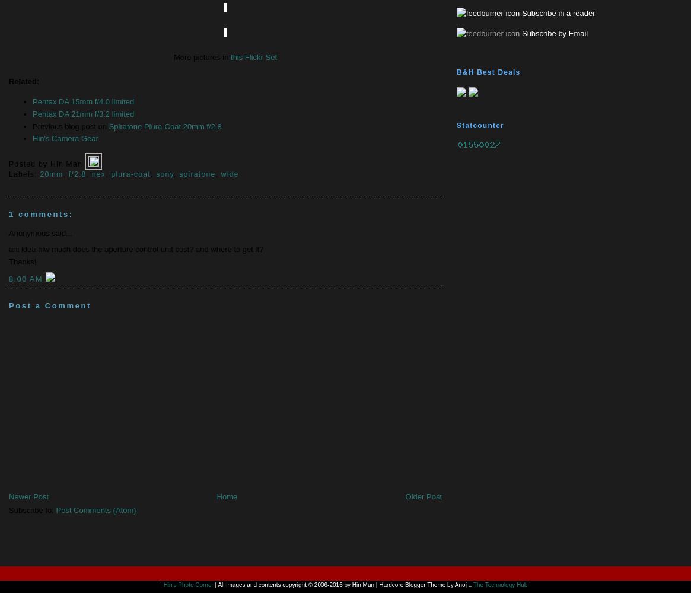  What do you see at coordinates (9, 213) in the screenshot?
I see `'1 comments:'` at bounding box center [9, 213].